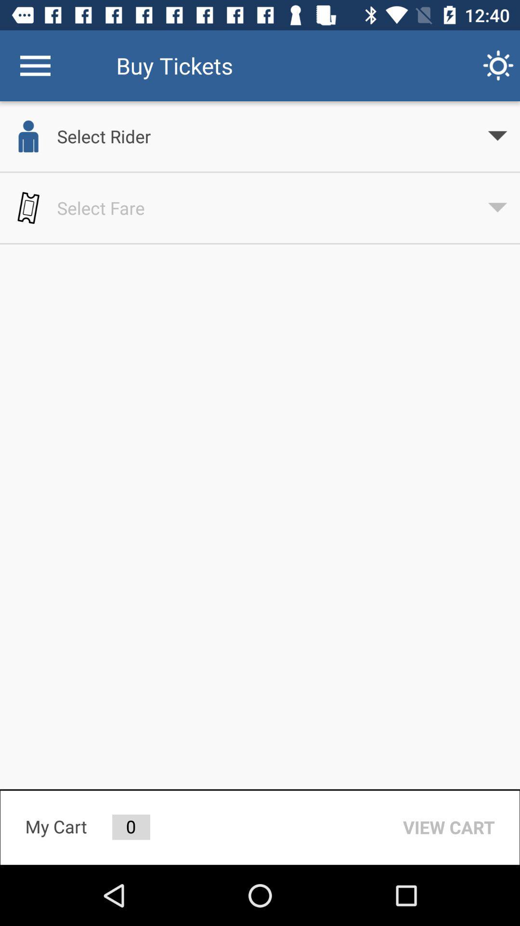  What do you see at coordinates (449, 827) in the screenshot?
I see `the icon next to the 0 item` at bounding box center [449, 827].